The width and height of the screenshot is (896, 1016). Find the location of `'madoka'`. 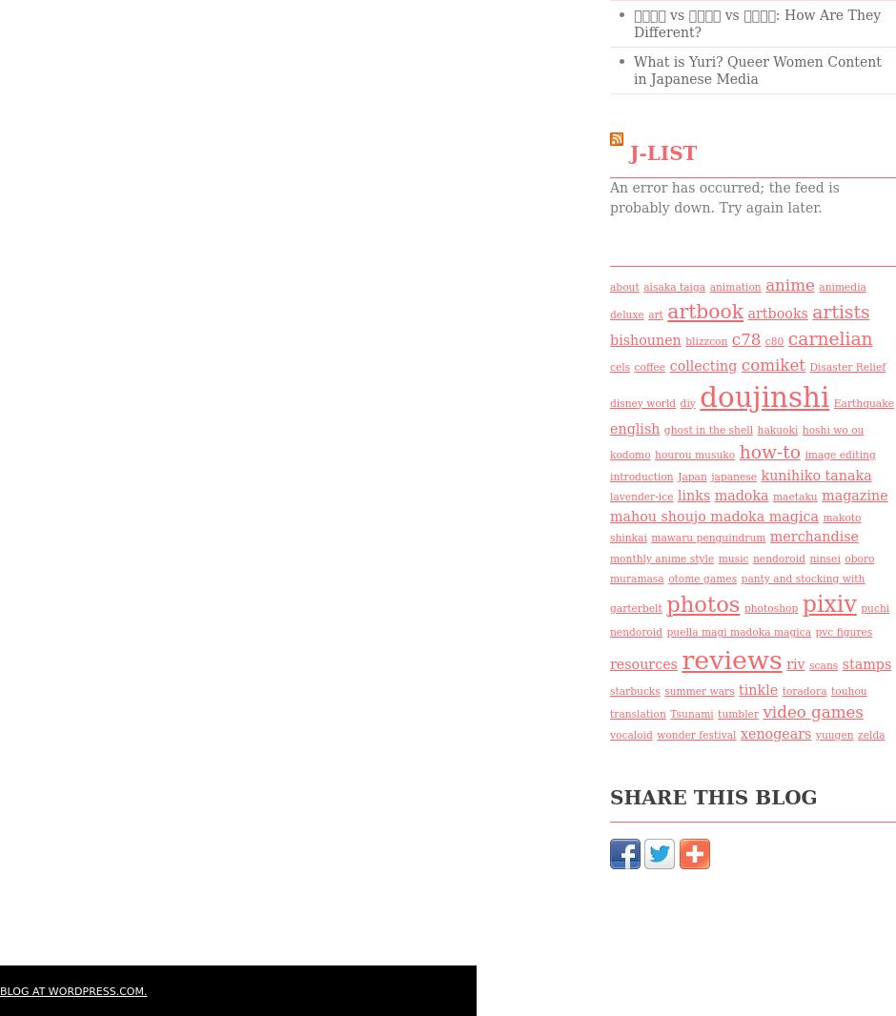

'madoka' is located at coordinates (740, 495).